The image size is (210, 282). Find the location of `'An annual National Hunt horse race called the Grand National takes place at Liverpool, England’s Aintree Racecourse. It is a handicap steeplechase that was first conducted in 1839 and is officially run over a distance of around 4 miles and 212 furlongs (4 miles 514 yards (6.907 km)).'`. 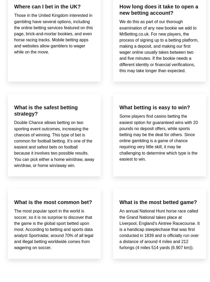

'An annual National Hunt horse race called the Grand National takes place at Liverpool, England’s Aintree Racecourse. It is a handicap steeplechase that was first conducted in 1839 and is officially run over a distance of around 4 miles and 212 furlongs (4 miles 514 yards (6.907 km)).' is located at coordinates (159, 229).